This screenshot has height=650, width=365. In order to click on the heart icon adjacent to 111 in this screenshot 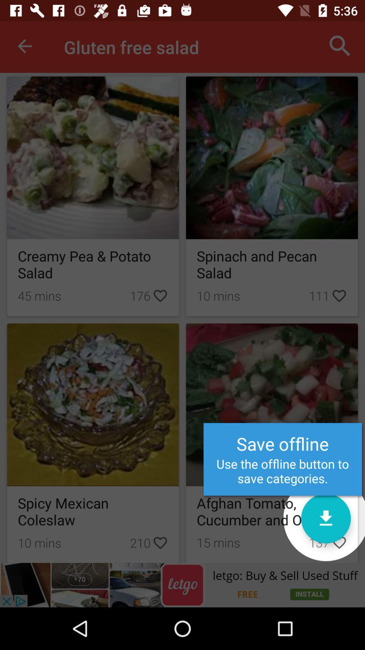, I will do `click(339, 296)`.